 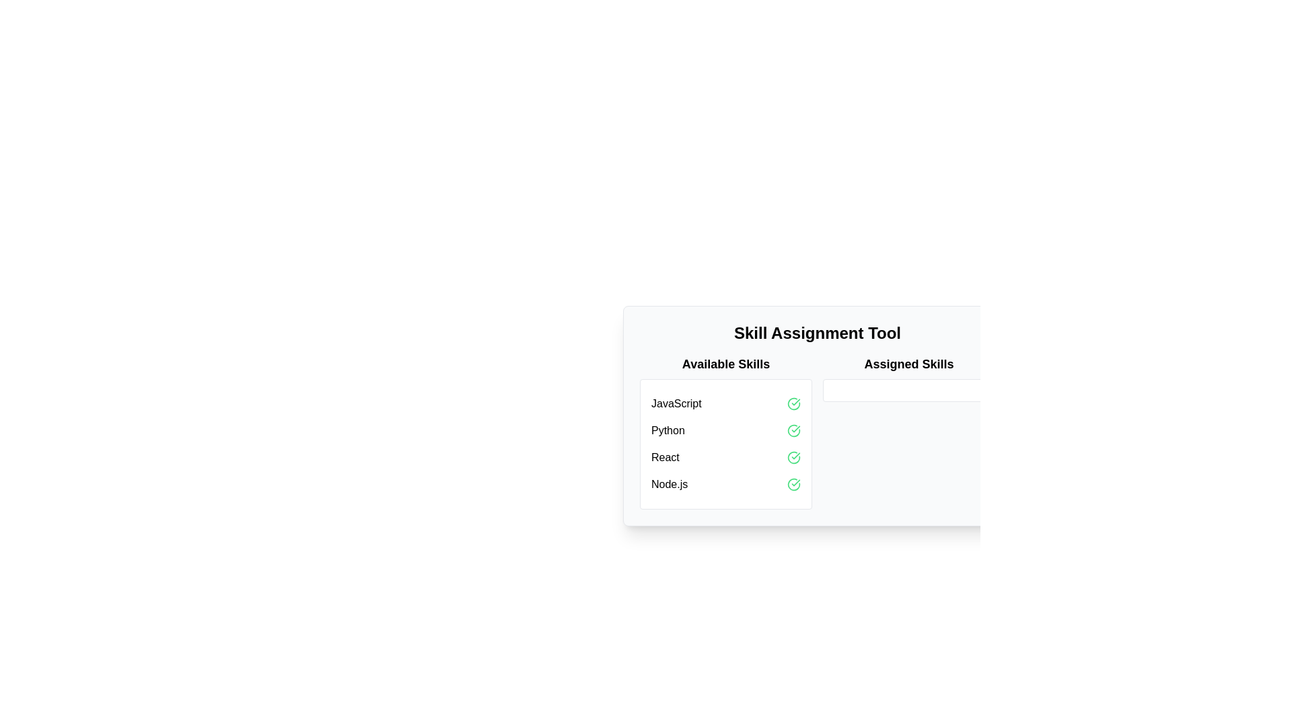 What do you see at coordinates (676, 403) in the screenshot?
I see `'JavaScript' label in the 'Available Skills' list, which is the topmost item under the title 'Available Skills'` at bounding box center [676, 403].